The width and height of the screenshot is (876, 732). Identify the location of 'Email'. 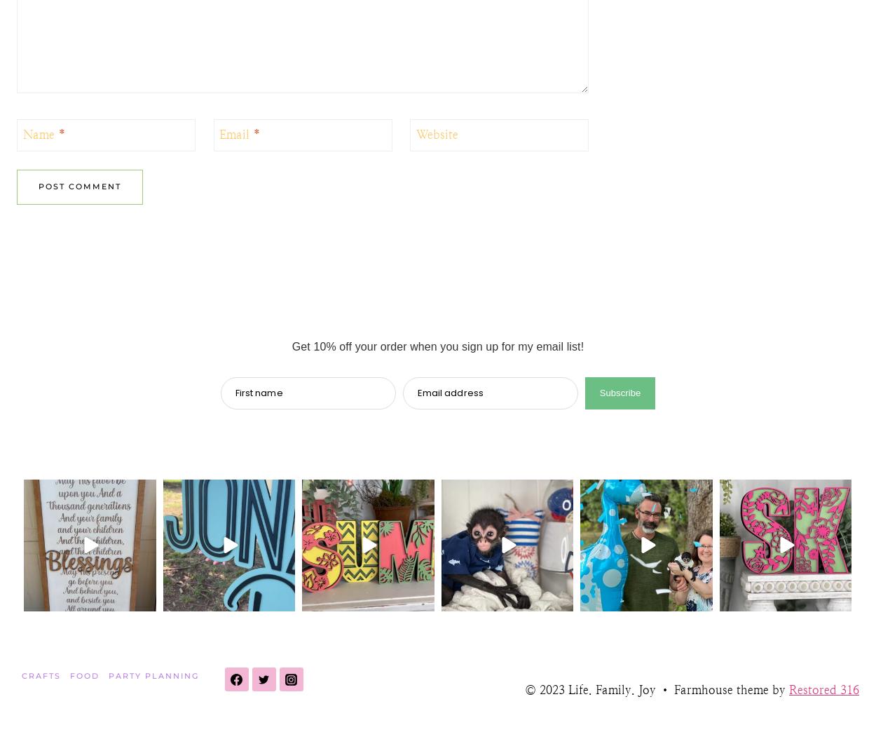
(235, 133).